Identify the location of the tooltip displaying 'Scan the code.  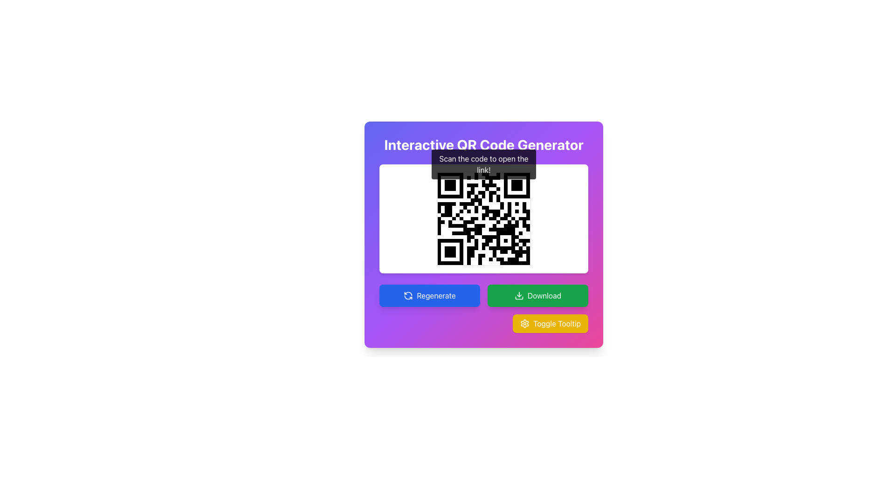
(483, 164).